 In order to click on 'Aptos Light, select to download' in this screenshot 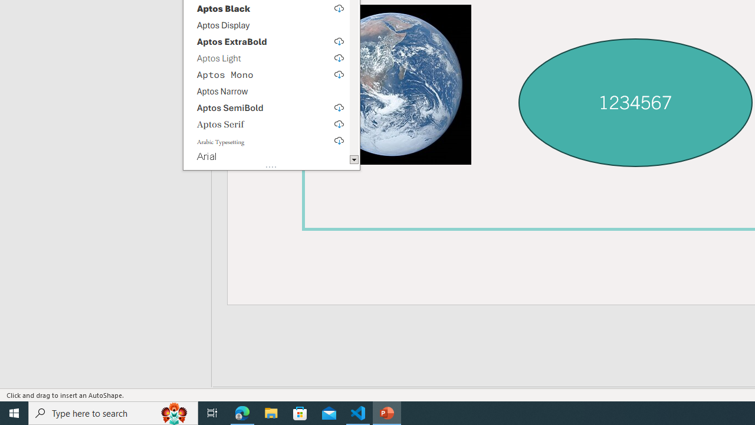, I will do `click(265, 58)`.